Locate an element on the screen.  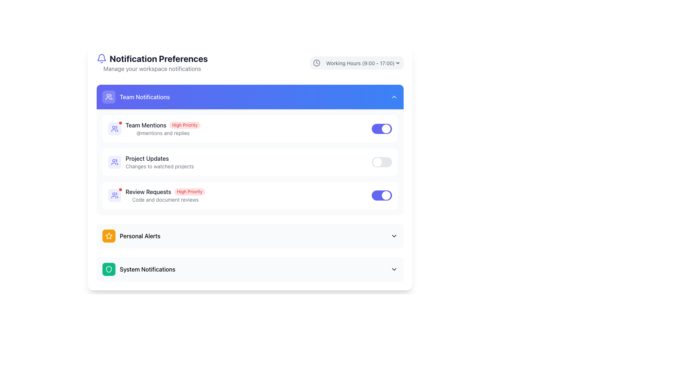
the 'Team Notifications' text label is located at coordinates (147, 158).